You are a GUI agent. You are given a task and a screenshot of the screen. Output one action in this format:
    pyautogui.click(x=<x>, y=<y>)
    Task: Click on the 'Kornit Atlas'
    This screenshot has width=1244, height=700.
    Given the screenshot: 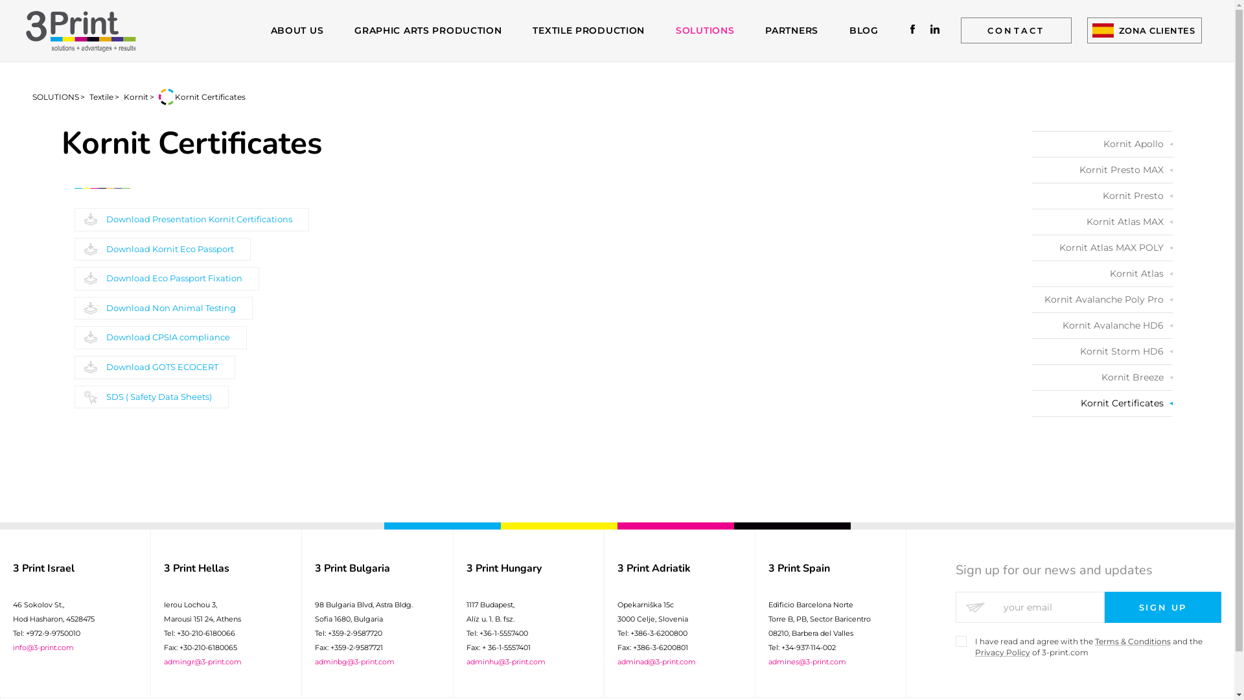 What is the action you would take?
    pyautogui.click(x=1031, y=273)
    